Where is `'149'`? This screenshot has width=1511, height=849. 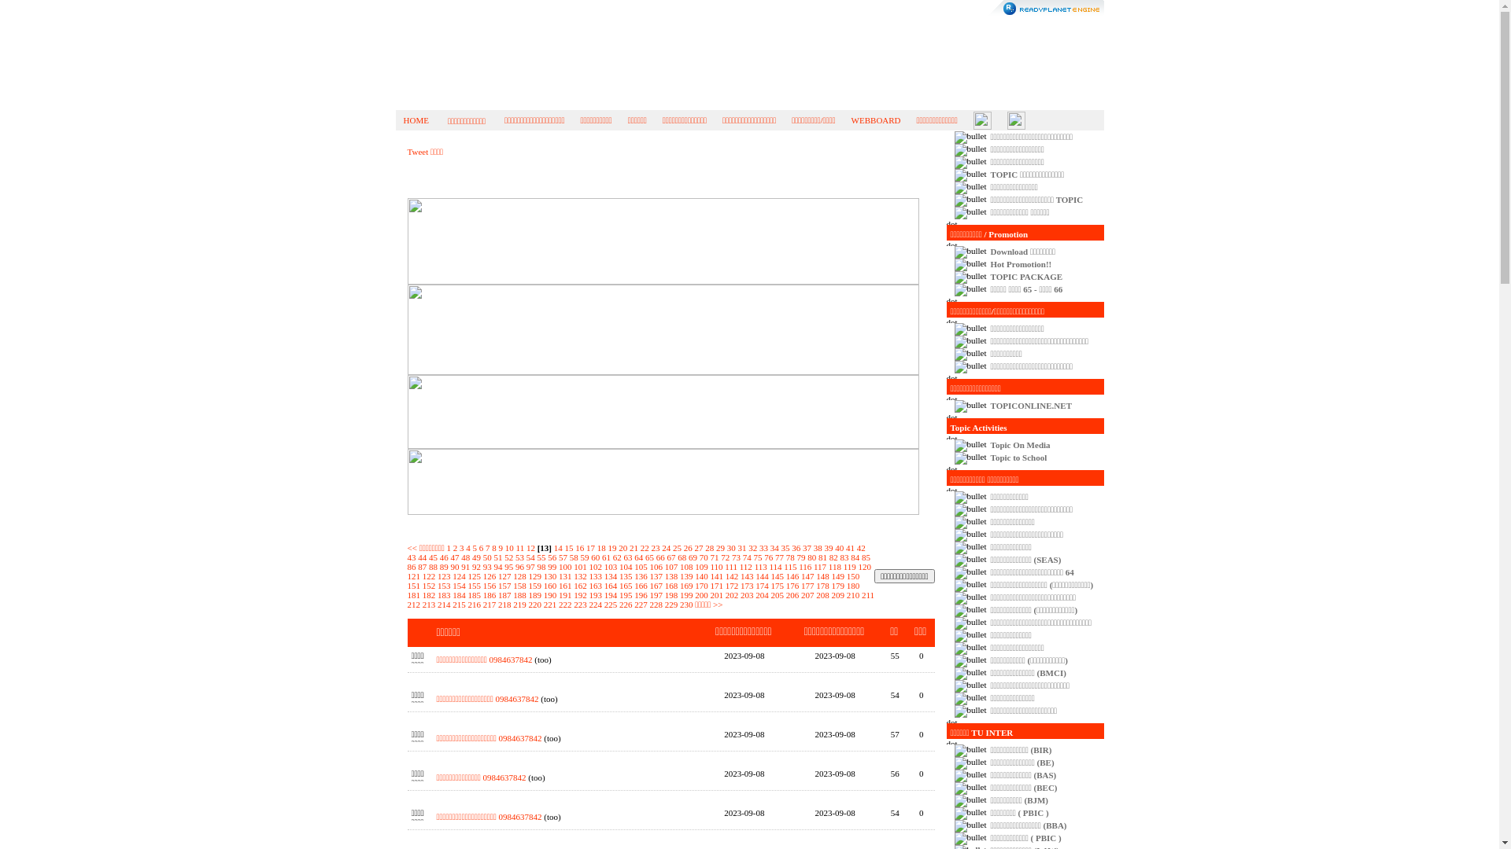
'149' is located at coordinates (837, 575).